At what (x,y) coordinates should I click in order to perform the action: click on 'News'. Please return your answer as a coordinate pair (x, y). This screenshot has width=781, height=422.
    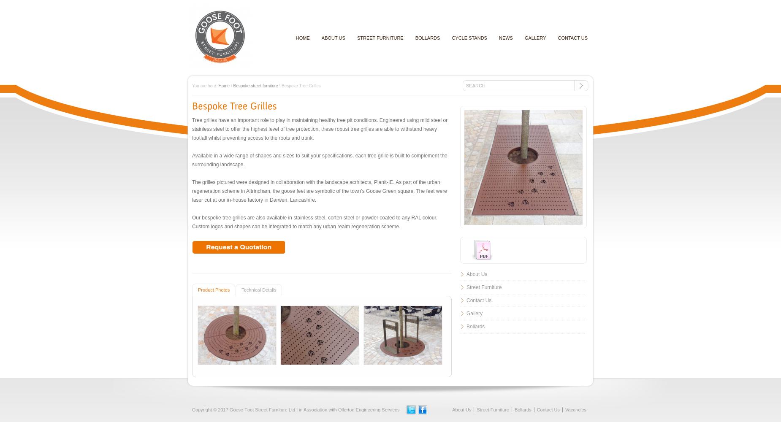
    Looking at the image, I should click on (505, 38).